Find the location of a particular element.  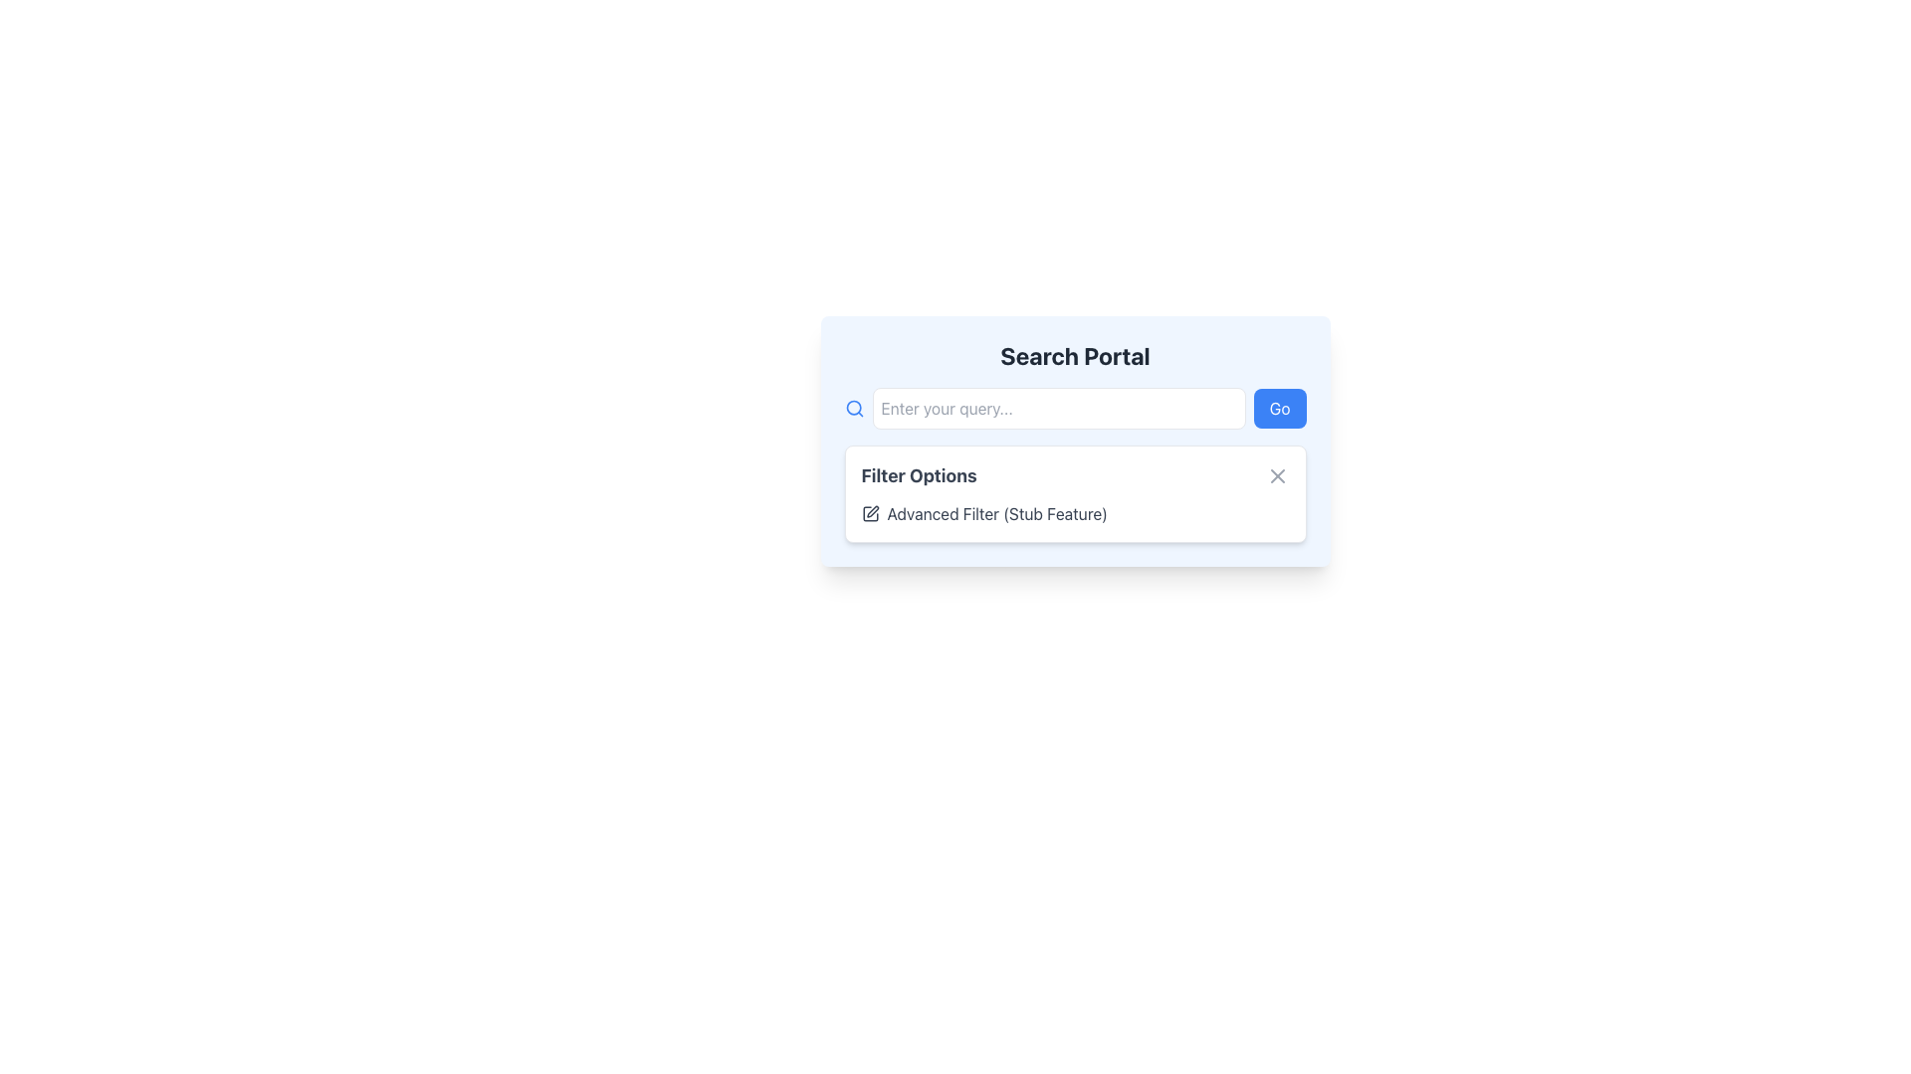

the Close Button, which is a small gray 'X' icon located on the far-right side of the 'Filter Options' heading is located at coordinates (1277, 475).